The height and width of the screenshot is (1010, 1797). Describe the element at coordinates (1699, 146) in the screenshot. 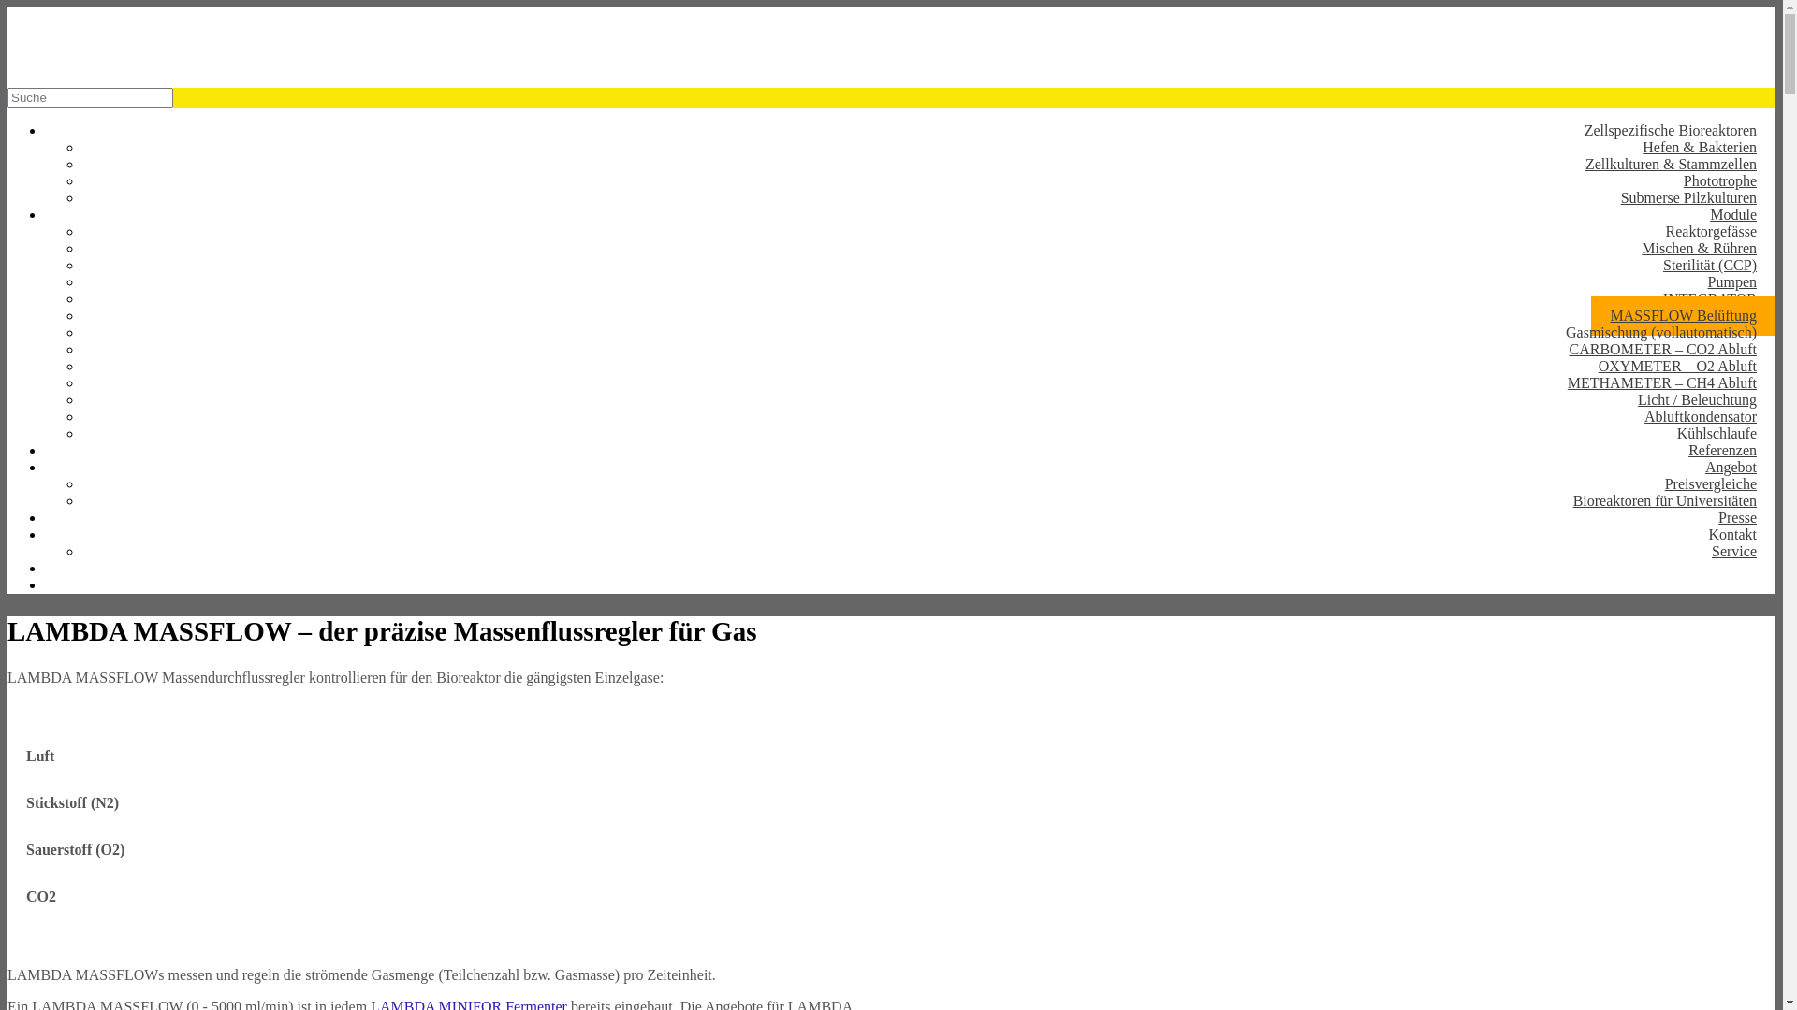

I see `'Hefen & Bakterien'` at that location.